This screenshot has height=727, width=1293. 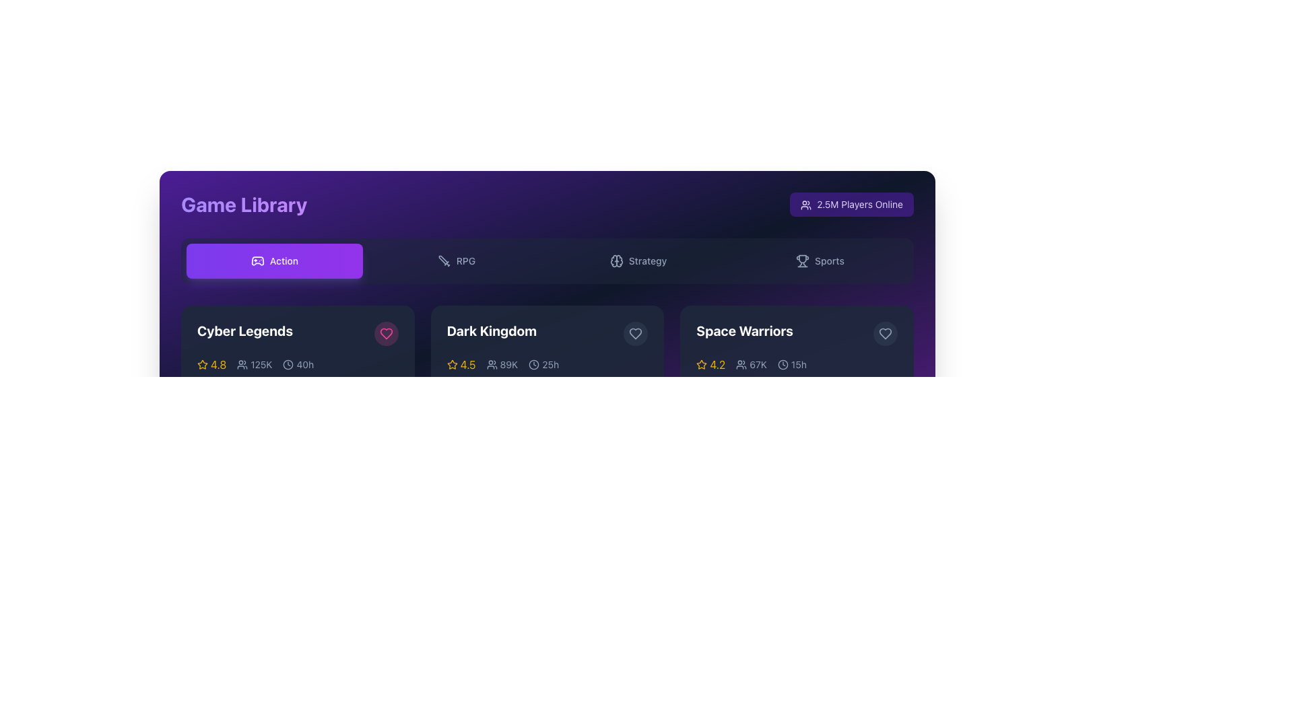 What do you see at coordinates (257, 261) in the screenshot?
I see `the design of the vector-based gamepad icon located on the left side of the toolbar, which features a symmetrical design with smaller segments` at bounding box center [257, 261].